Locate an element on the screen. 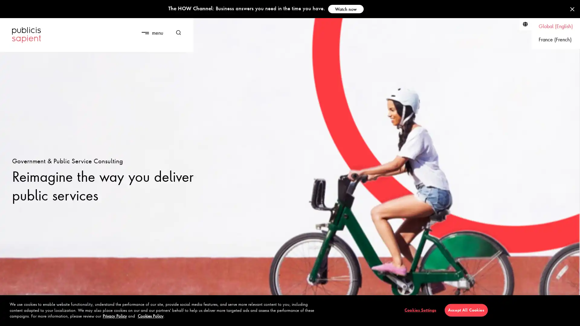  Accept All Cookies is located at coordinates (466, 310).